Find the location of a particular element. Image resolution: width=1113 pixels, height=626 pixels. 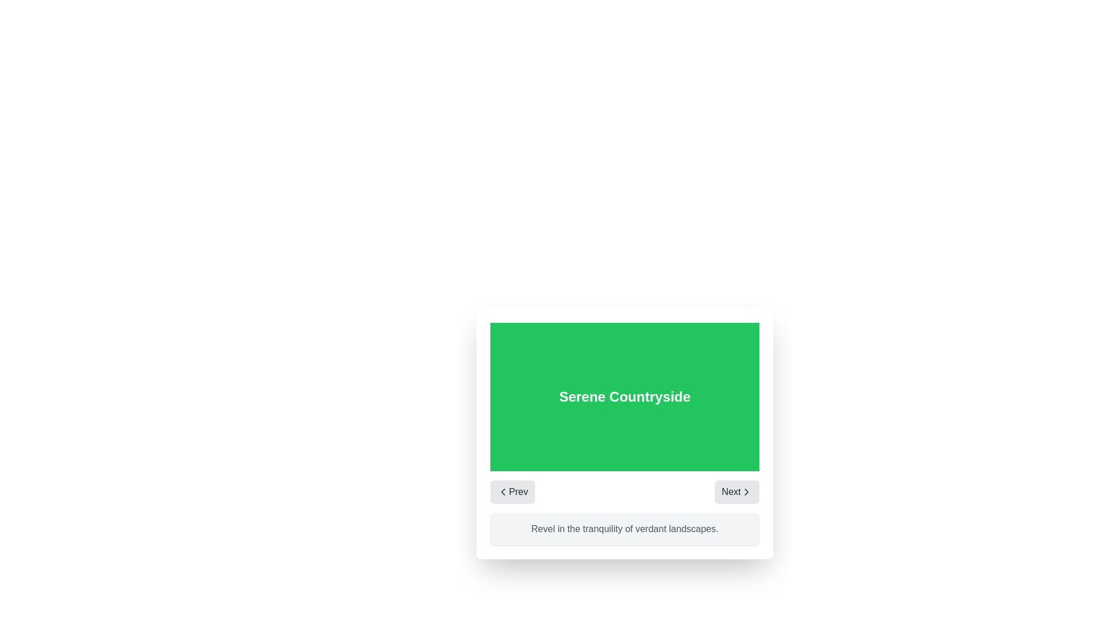

text content of the 'Prev' text label located within the button on the bottom-left corner of the interface, next to the chevron-left icon is located at coordinates (518, 492).